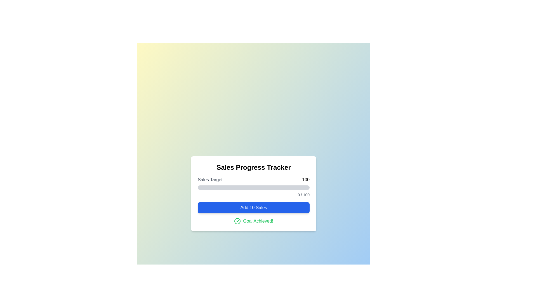 The width and height of the screenshot is (537, 302). I want to click on text of the progress bar labeled 'Sales Target:' which displays the current value and the total target value beneath it, located at the center of the progress bar, so click(253, 187).